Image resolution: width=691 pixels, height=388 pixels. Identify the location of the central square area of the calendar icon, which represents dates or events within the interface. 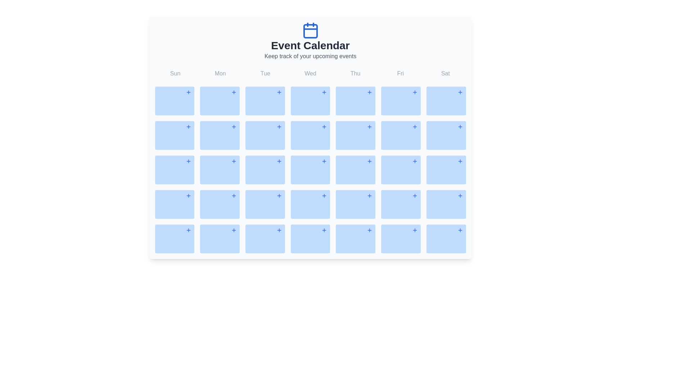
(310, 31).